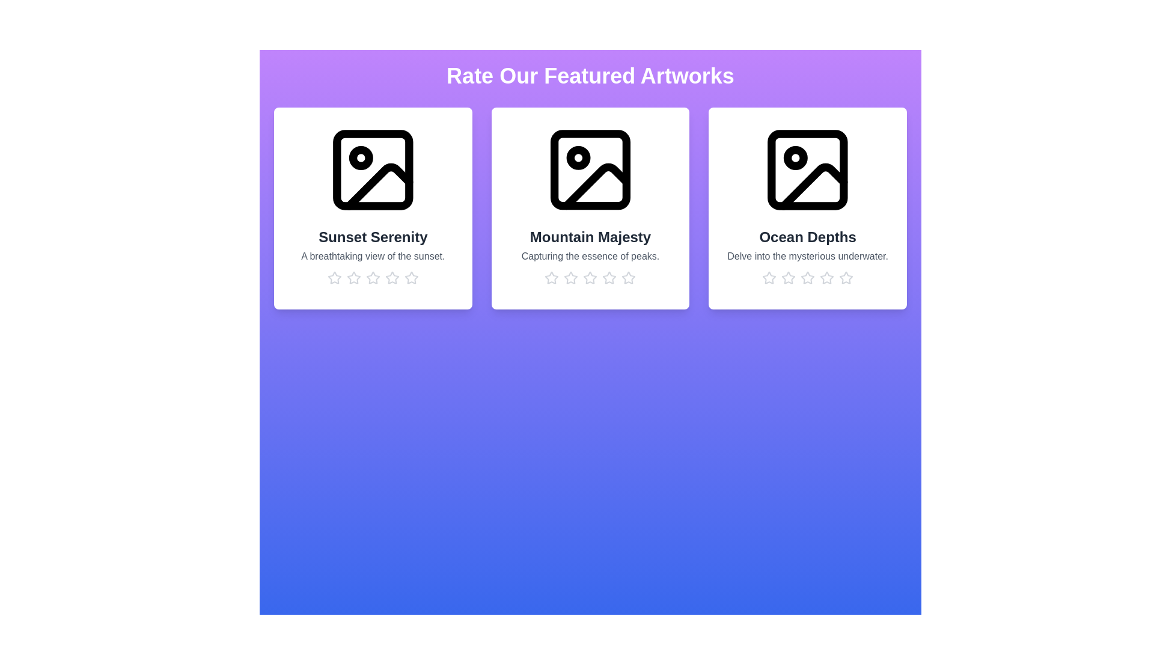  Describe the element at coordinates (570, 278) in the screenshot. I see `the rating for the artwork 'Mountain Majesty' to 2 stars` at that location.